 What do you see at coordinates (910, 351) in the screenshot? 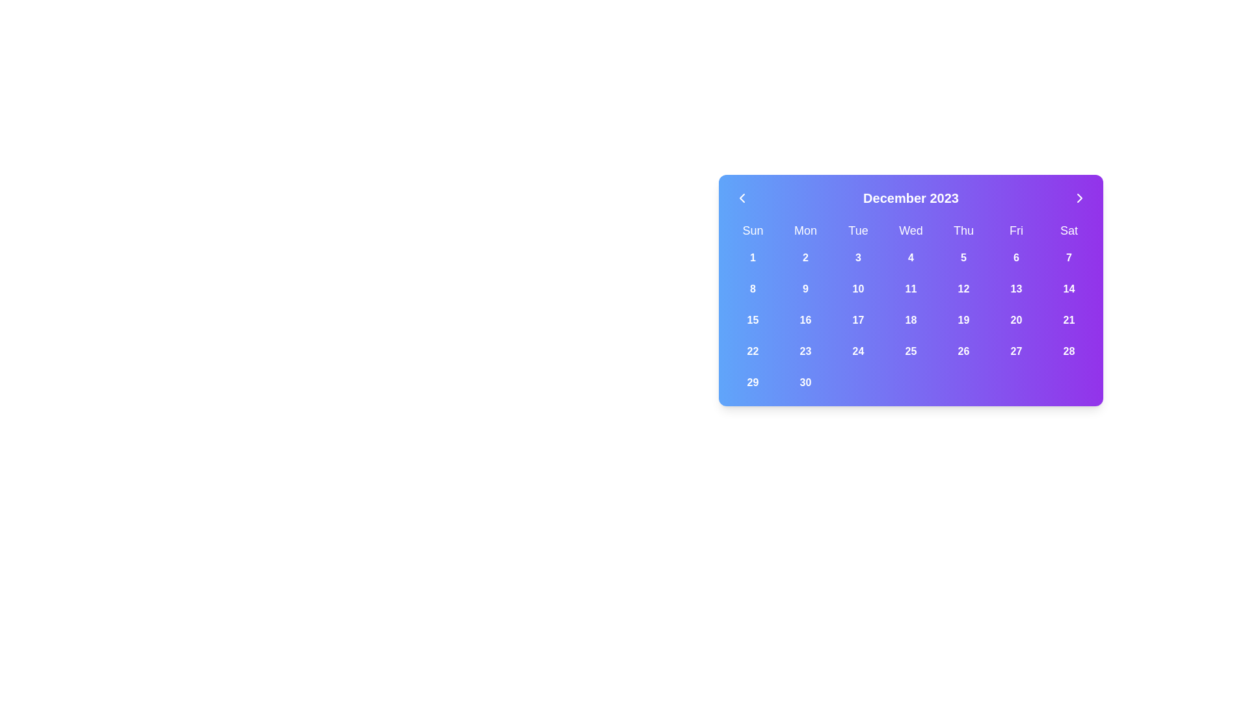
I see `the rectangular button with rounded corners labeled '25' in the calendar grid under the 'Wed' column` at bounding box center [910, 351].